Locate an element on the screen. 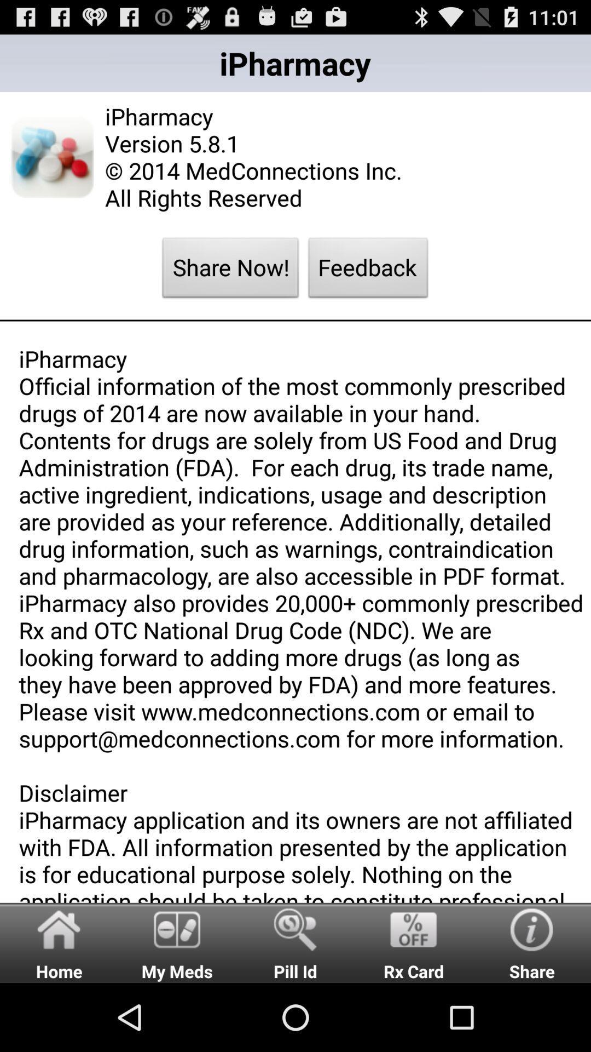 The image size is (591, 1052). the first image is located at coordinates (53, 157).